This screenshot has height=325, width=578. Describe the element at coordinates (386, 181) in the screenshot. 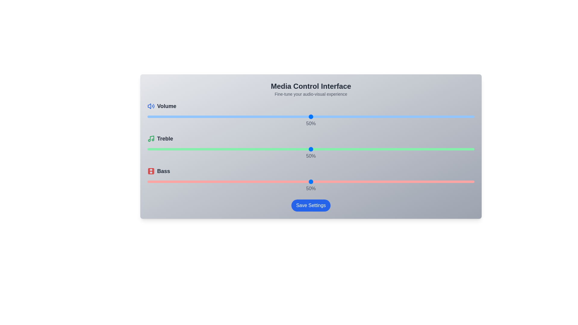

I see `the bass level` at that location.